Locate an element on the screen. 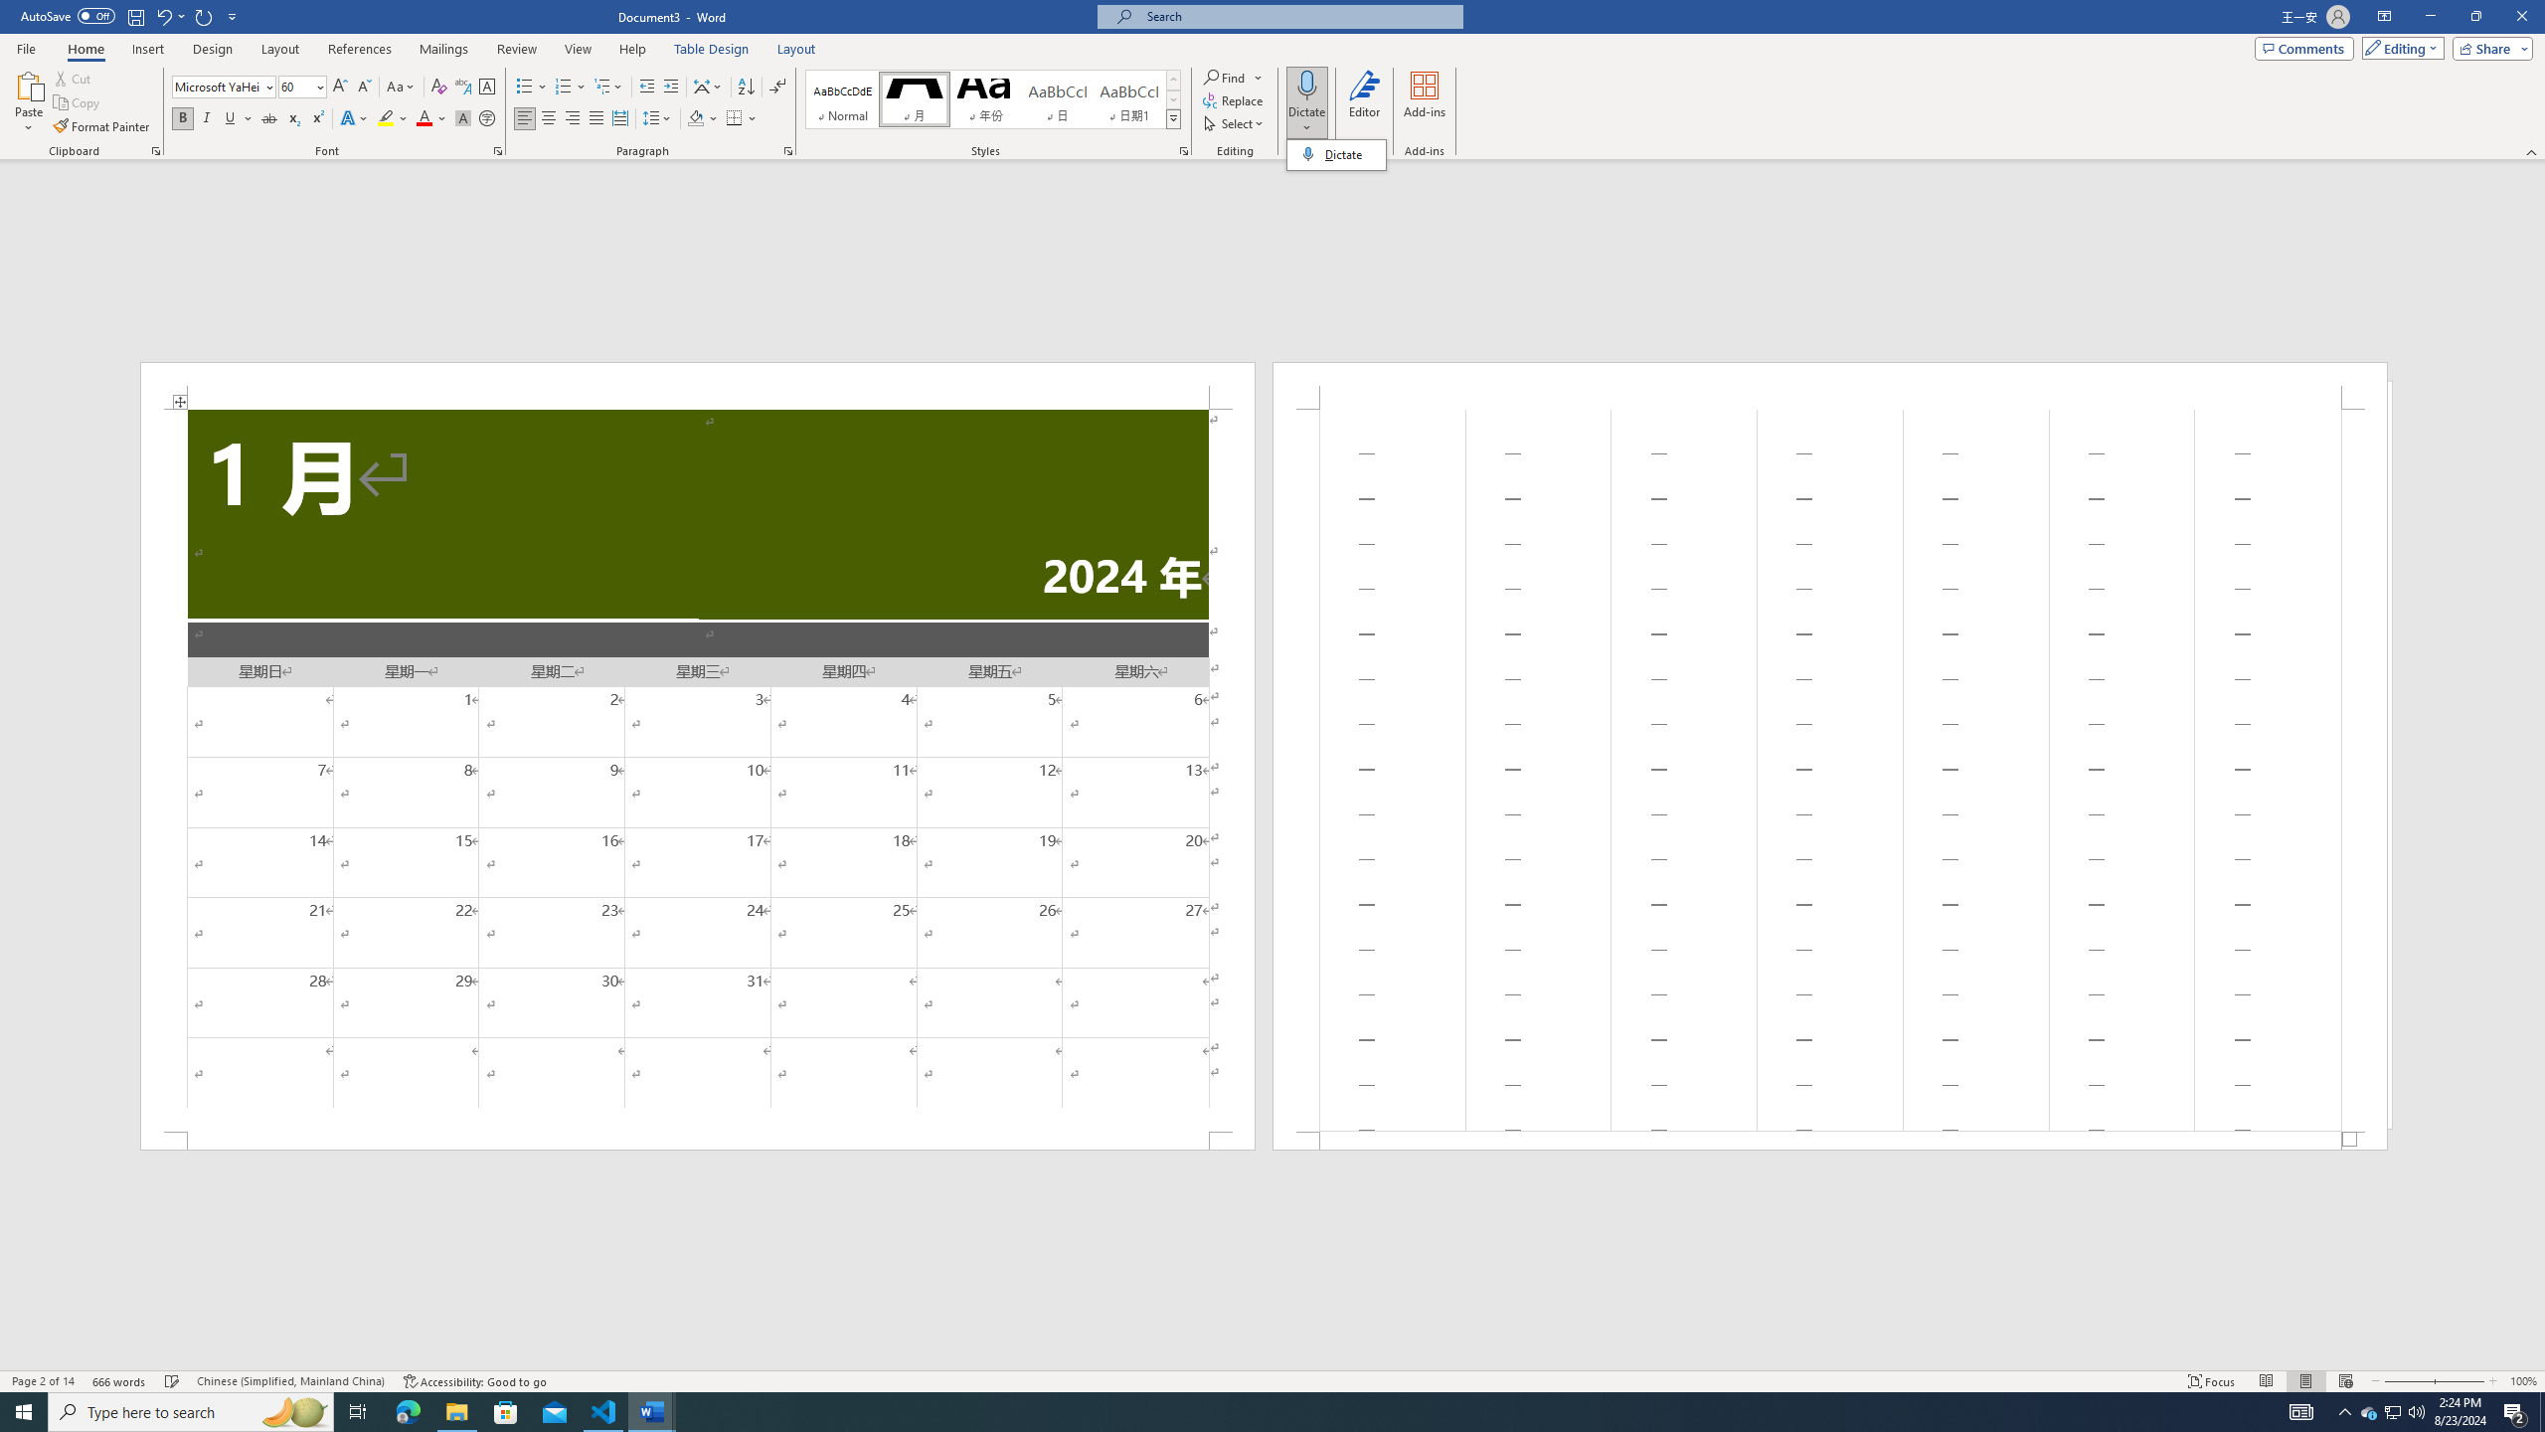  'Borders' is located at coordinates (733, 117).